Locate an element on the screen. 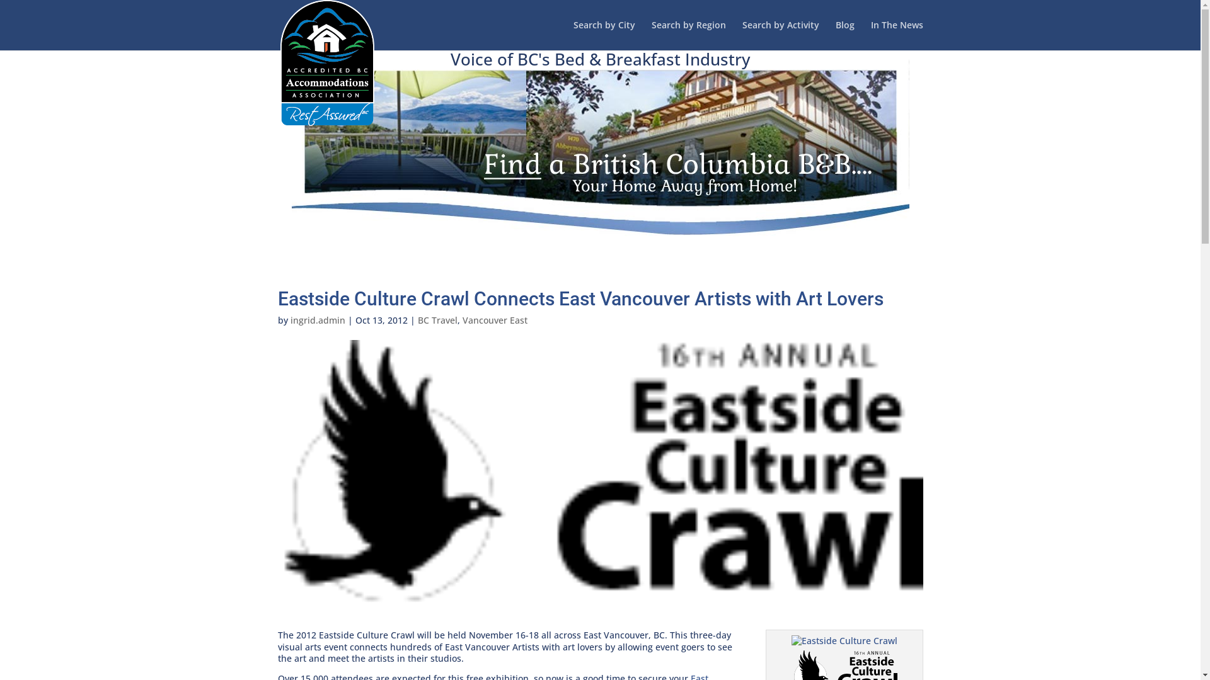  'ingrid.admin' is located at coordinates (317, 319).